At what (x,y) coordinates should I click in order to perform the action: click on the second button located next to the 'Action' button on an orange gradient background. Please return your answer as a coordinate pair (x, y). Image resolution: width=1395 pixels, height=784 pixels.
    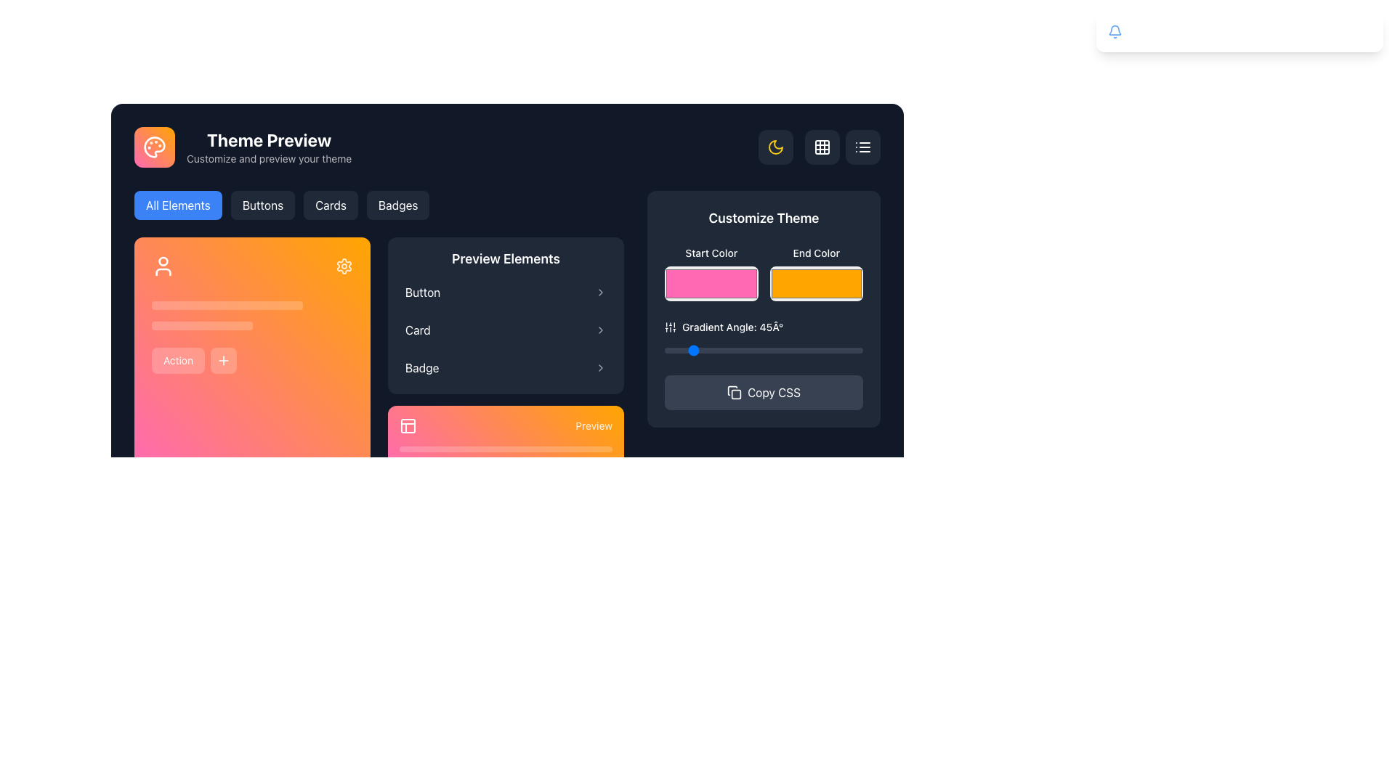
    Looking at the image, I should click on (223, 360).